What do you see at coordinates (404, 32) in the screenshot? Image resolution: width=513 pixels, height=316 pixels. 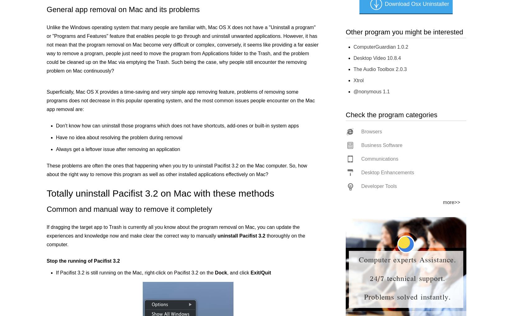 I see `'Other program you might be interested'` at bounding box center [404, 32].